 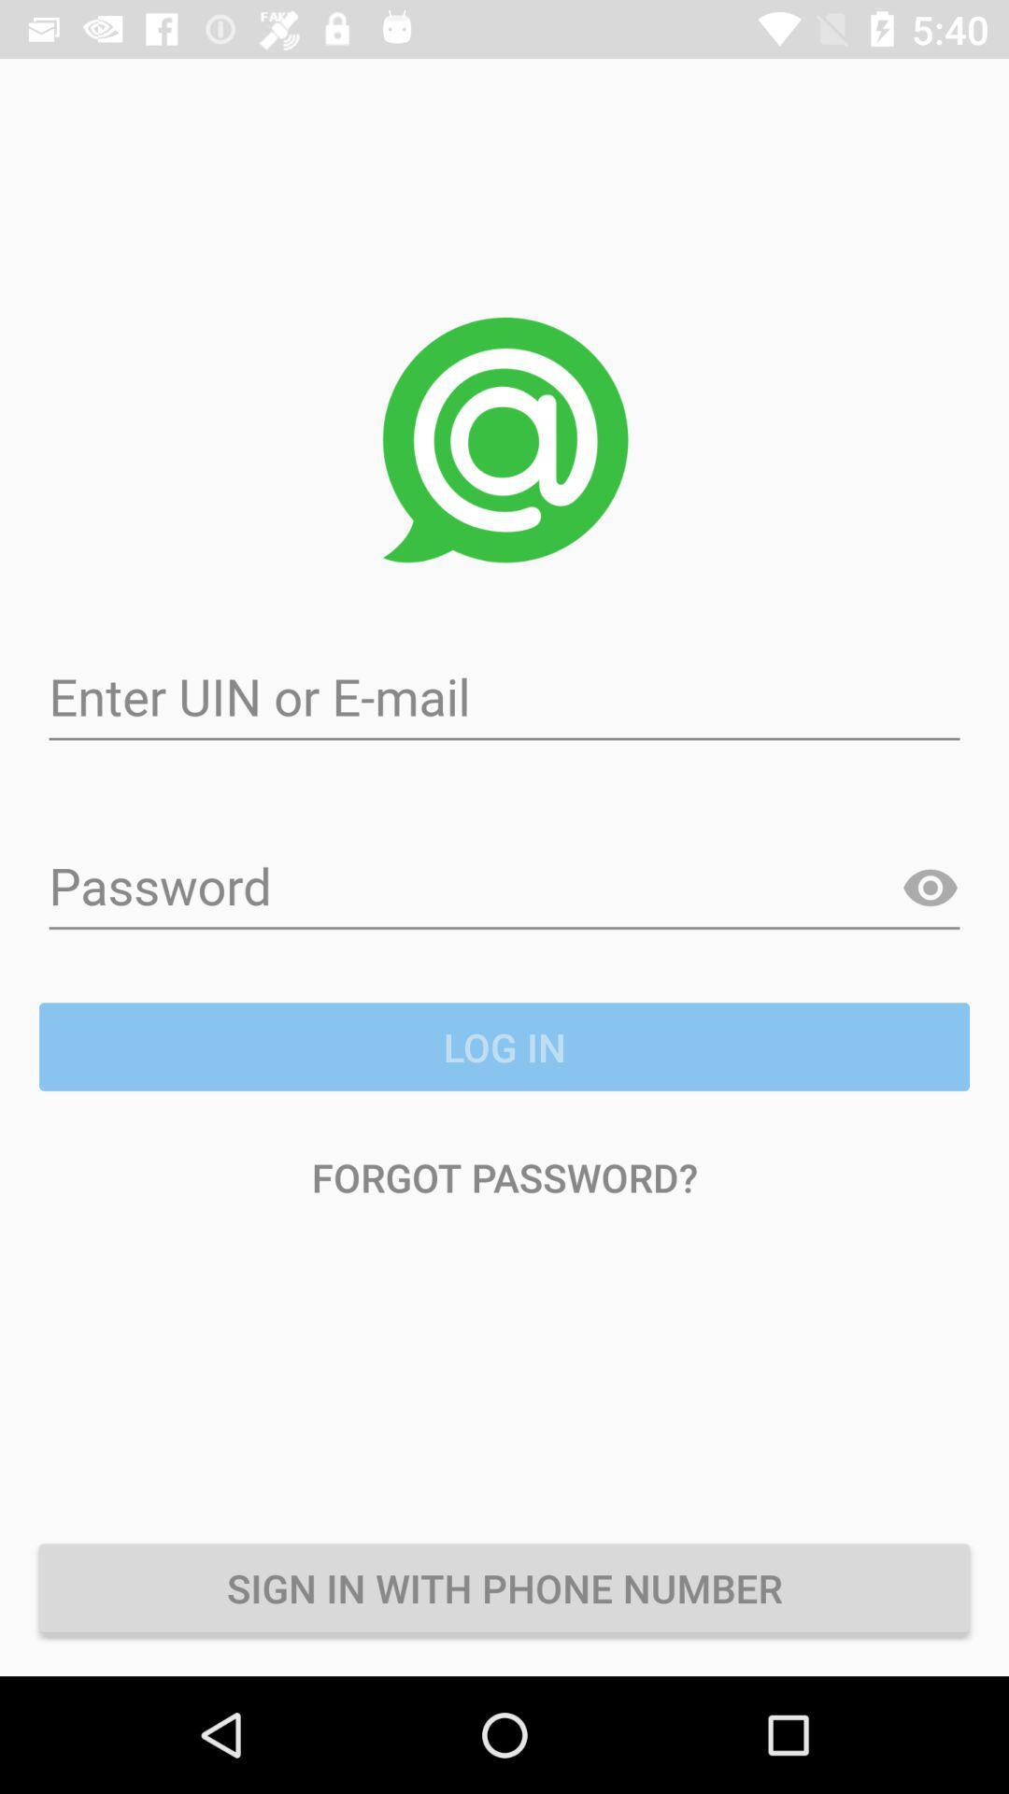 What do you see at coordinates (504, 1046) in the screenshot?
I see `log in icon` at bounding box center [504, 1046].